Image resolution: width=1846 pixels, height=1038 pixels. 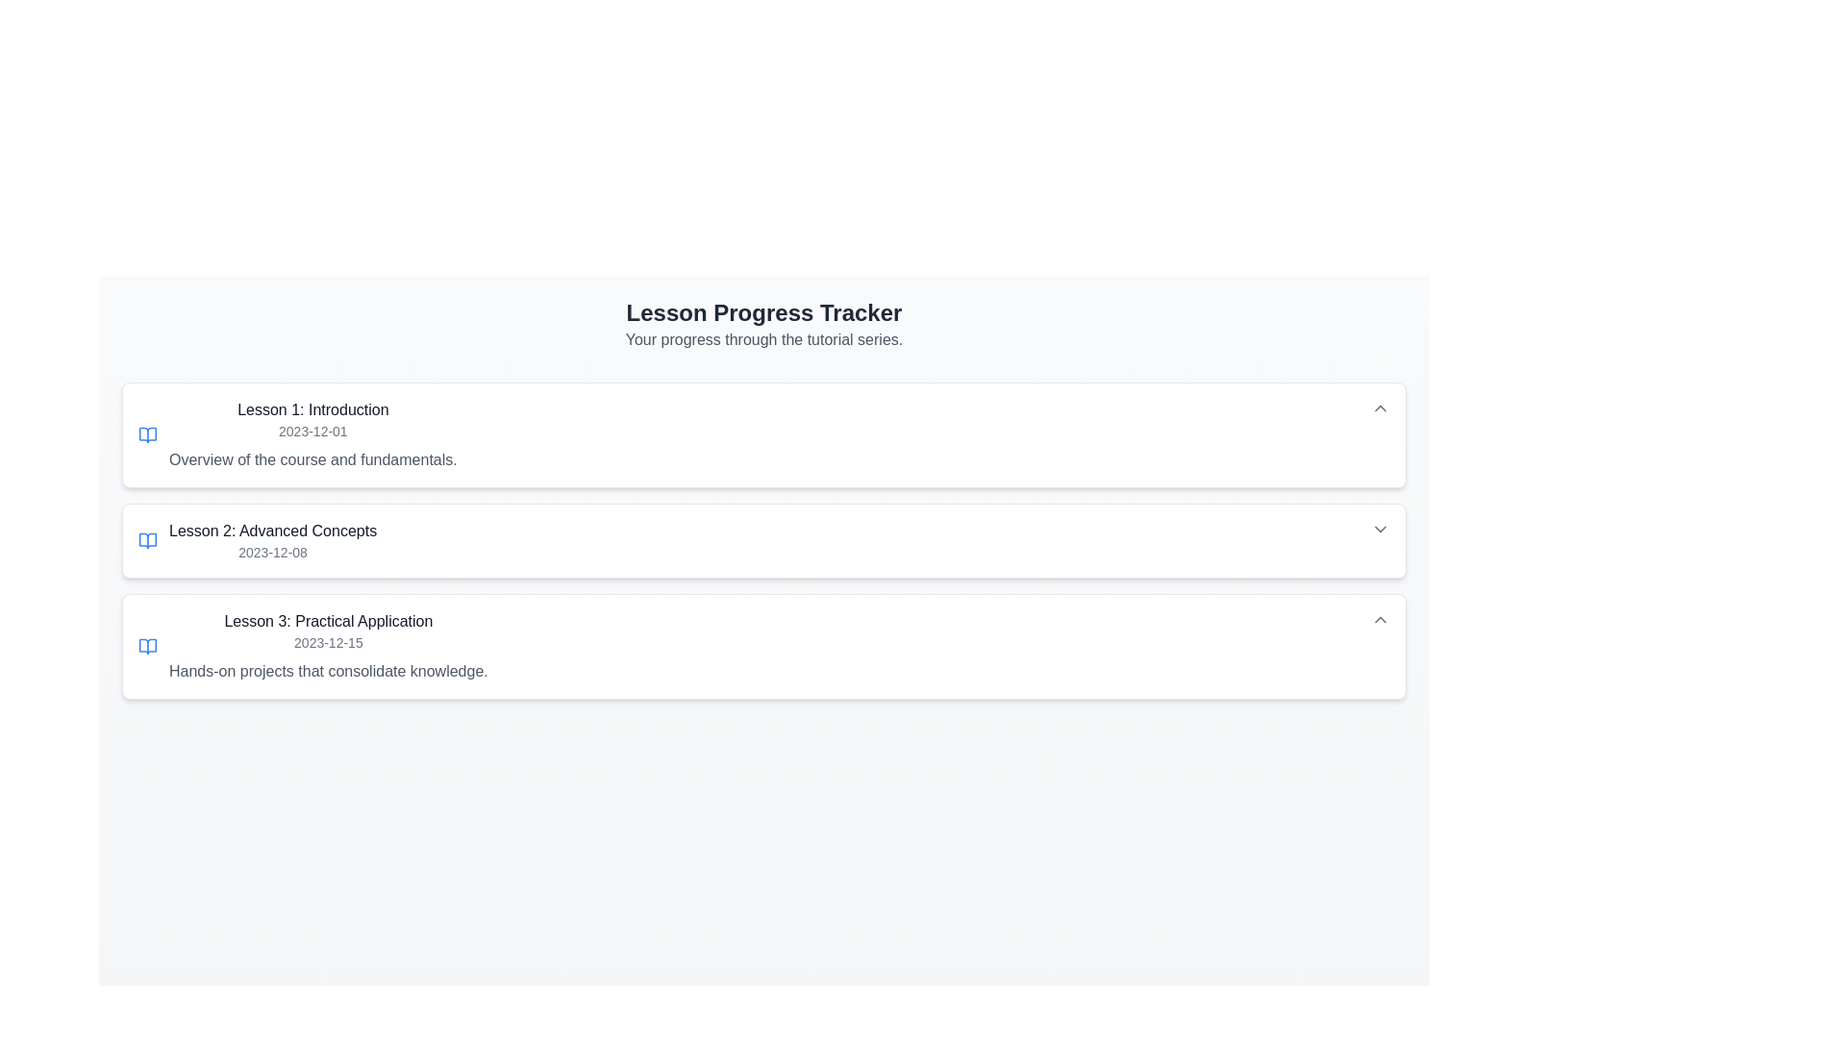 I want to click on the static text element that reads 'Hands-on projects that consolidate knowledge.', which is visually subordinate to the heading 'Lesson 3: Practical Application' and the date '2023-12-15', so click(x=328, y=670).